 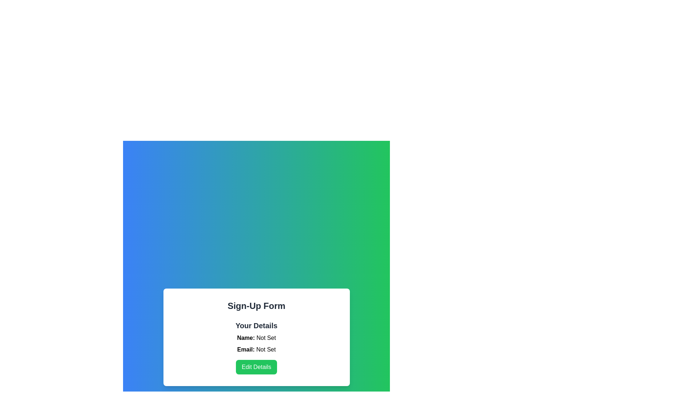 I want to click on the green 'Edit Details' button with white text, located below 'Email: Not Set' in the 'Your Details' section, so click(x=256, y=367).